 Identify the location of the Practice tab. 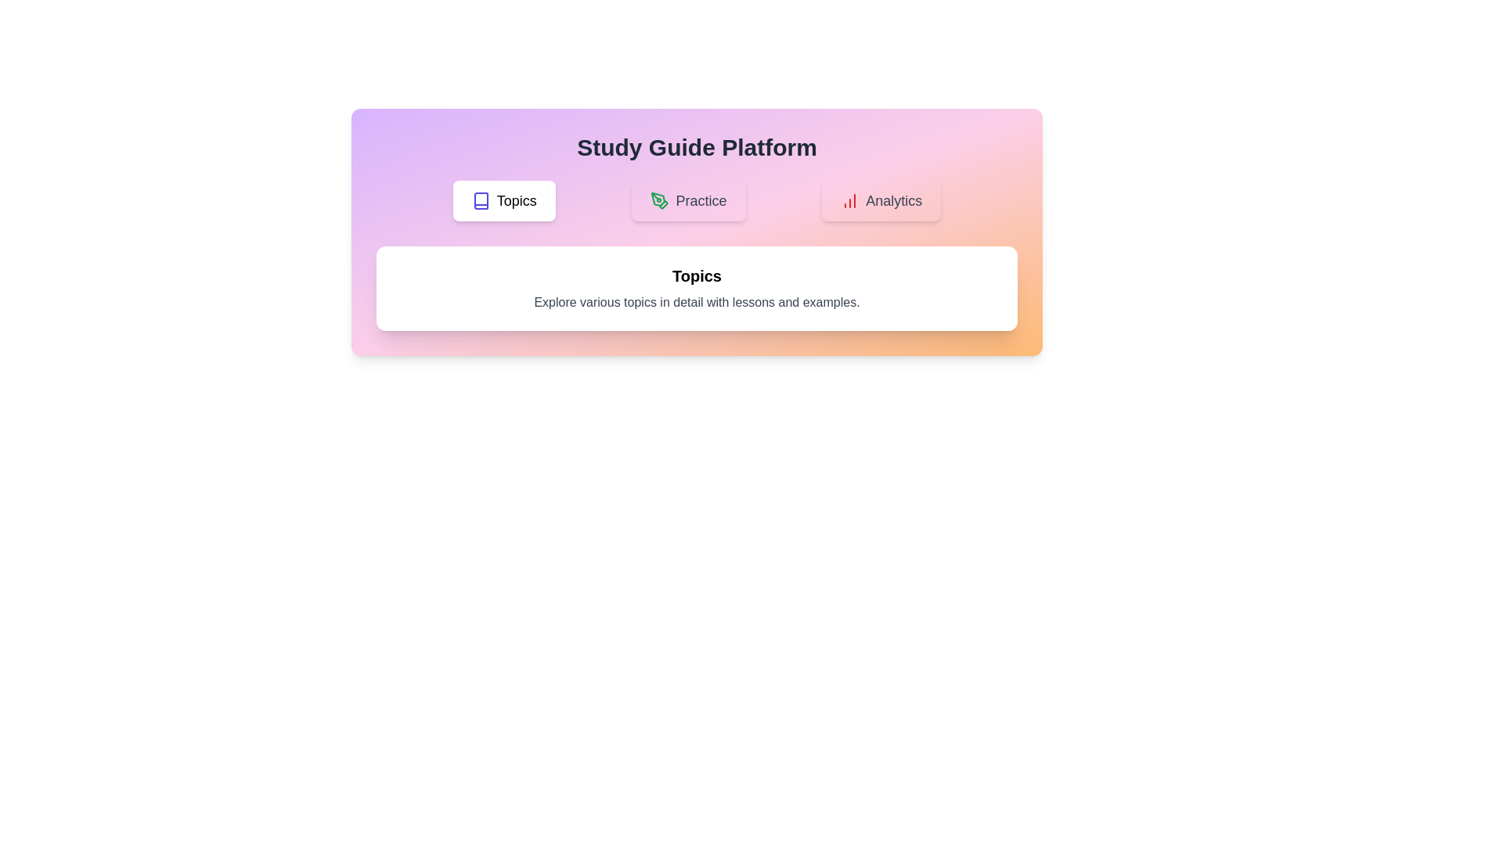
(688, 200).